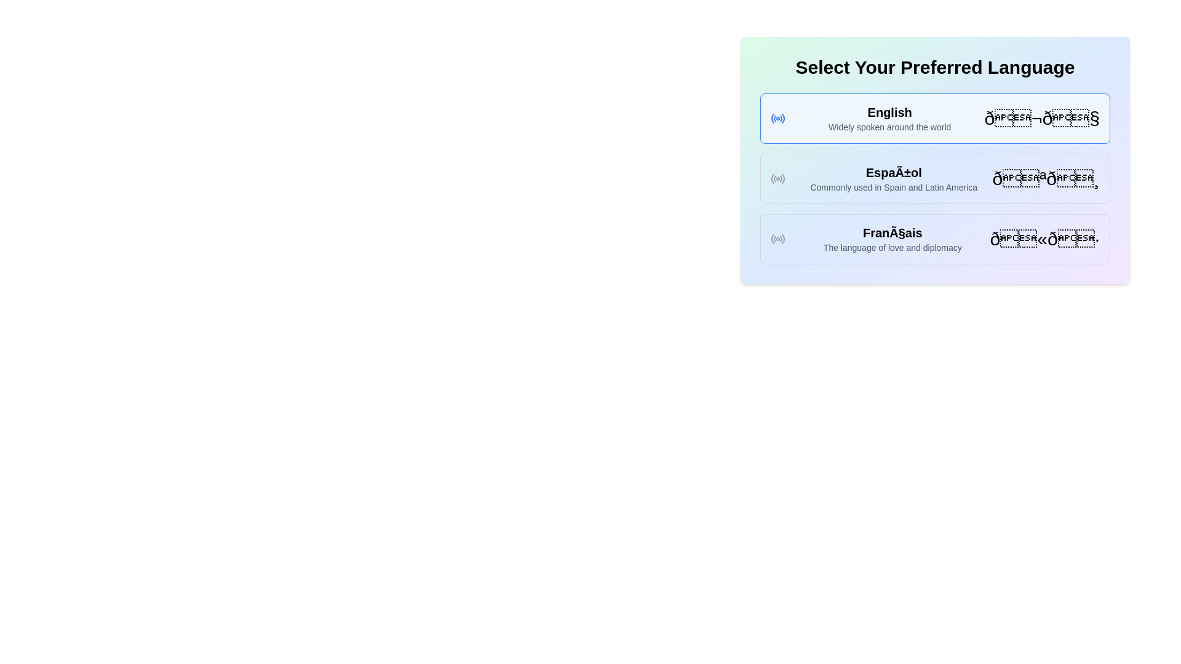 The width and height of the screenshot is (1181, 664). What do you see at coordinates (935, 160) in the screenshot?
I see `the second selectable language option in the list` at bounding box center [935, 160].